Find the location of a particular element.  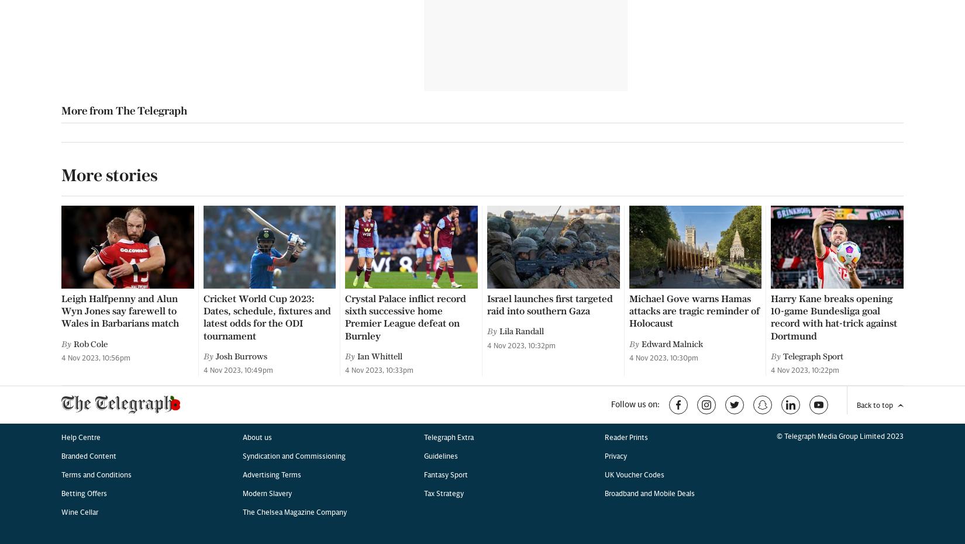

'Fantasy Sport' is located at coordinates (444, 27).